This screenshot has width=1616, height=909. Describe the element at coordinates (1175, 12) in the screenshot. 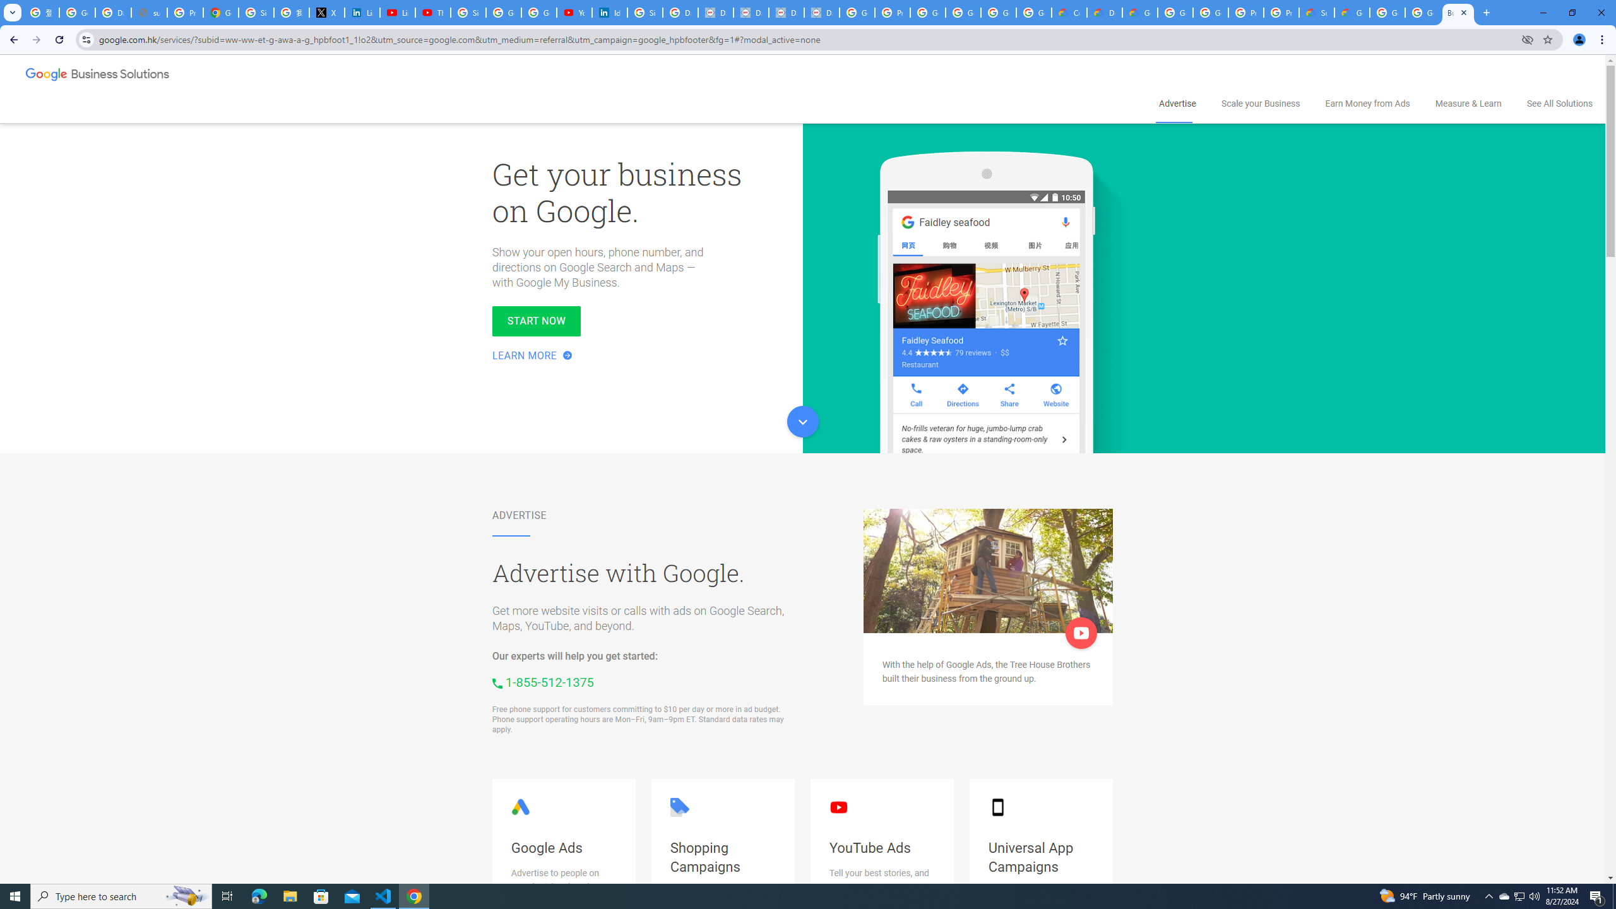

I see `'Google Cloud Platform'` at that location.